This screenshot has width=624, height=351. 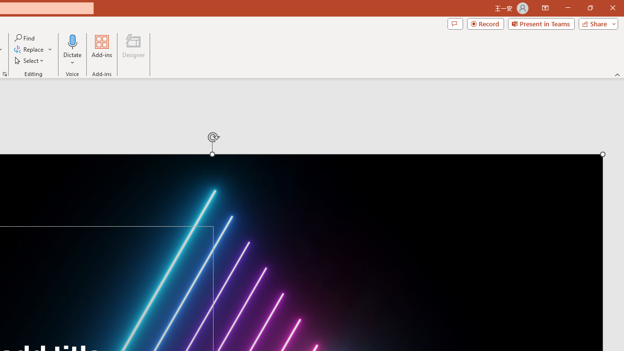 What do you see at coordinates (72, 41) in the screenshot?
I see `'Dictate'` at bounding box center [72, 41].